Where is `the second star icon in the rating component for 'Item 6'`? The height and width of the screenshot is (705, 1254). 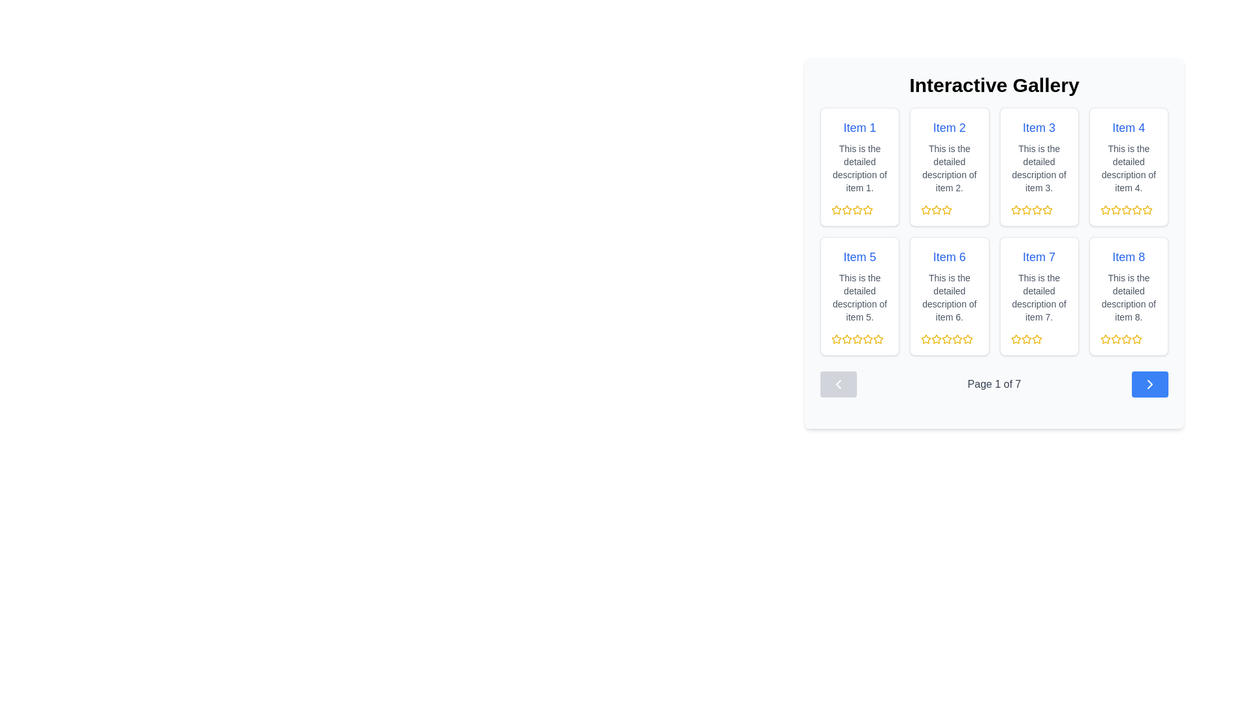 the second star icon in the rating component for 'Item 6' is located at coordinates (947, 338).